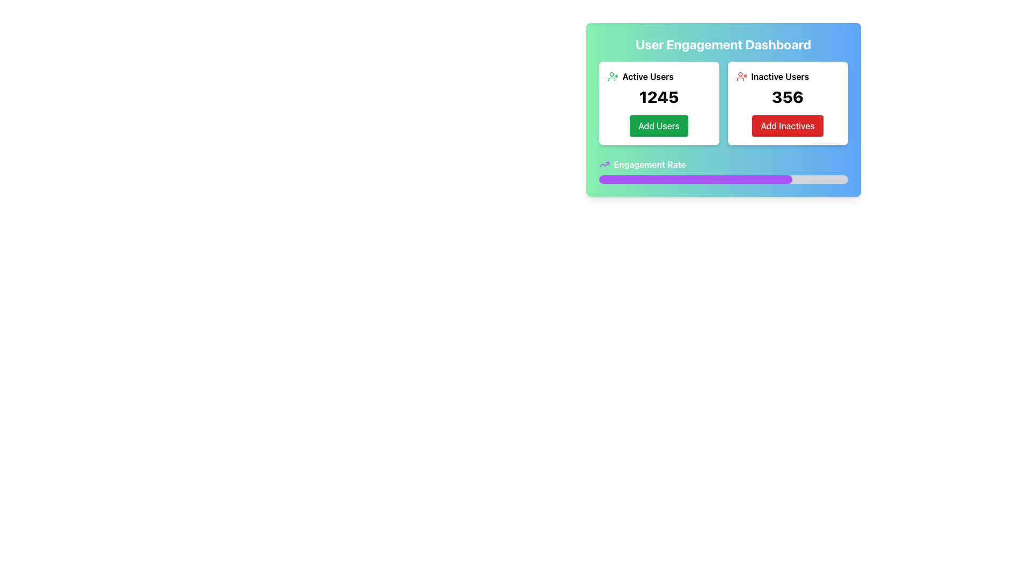  What do you see at coordinates (788, 97) in the screenshot?
I see `the label displaying the count of inactive users located in the center of the right card labeled 'Inactive Users'` at bounding box center [788, 97].